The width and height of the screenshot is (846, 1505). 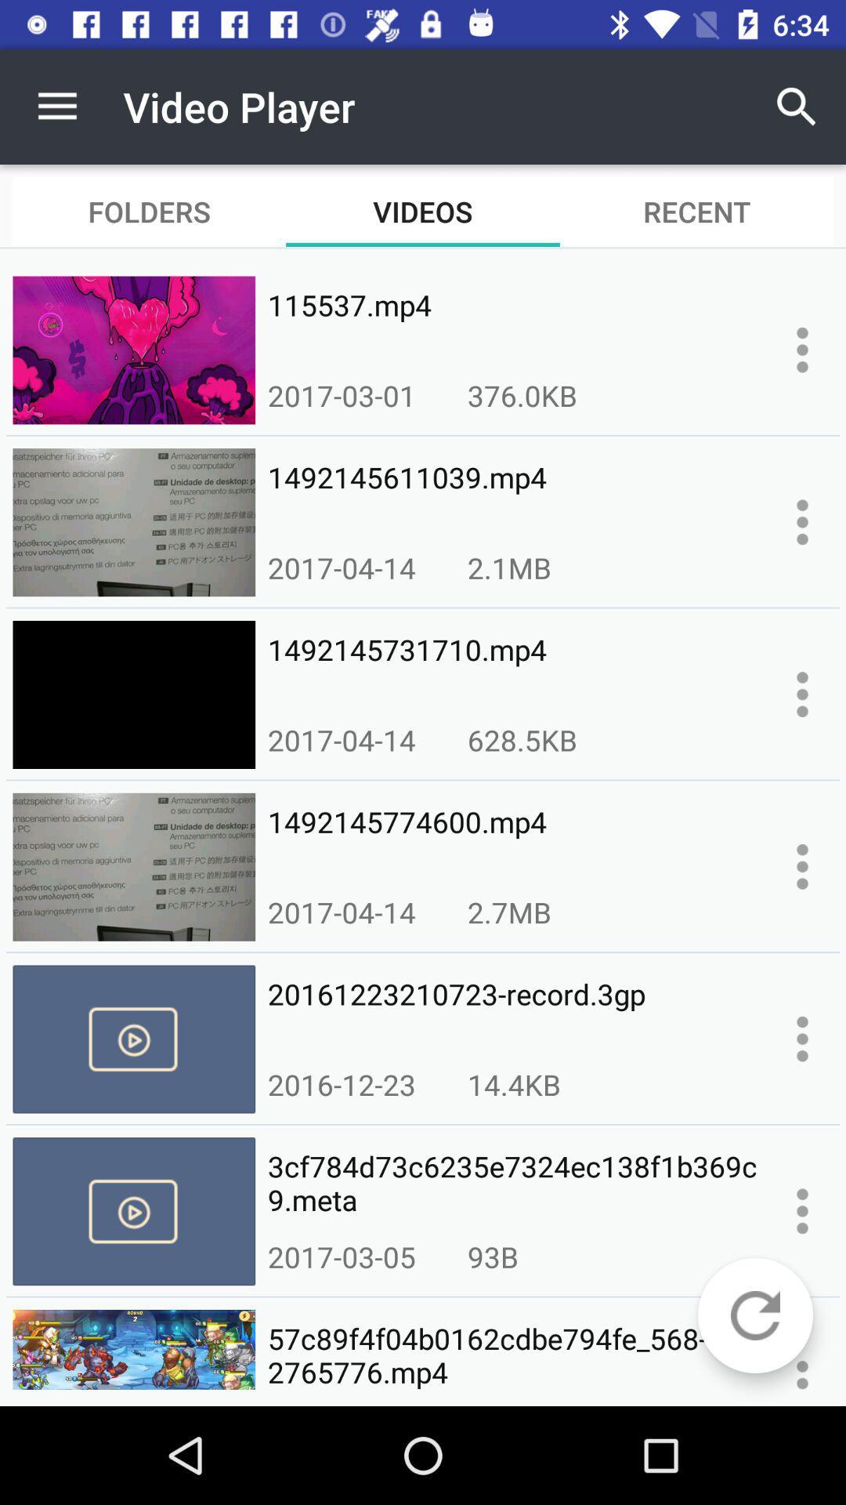 What do you see at coordinates (56, 106) in the screenshot?
I see `the app to the left of video player` at bounding box center [56, 106].